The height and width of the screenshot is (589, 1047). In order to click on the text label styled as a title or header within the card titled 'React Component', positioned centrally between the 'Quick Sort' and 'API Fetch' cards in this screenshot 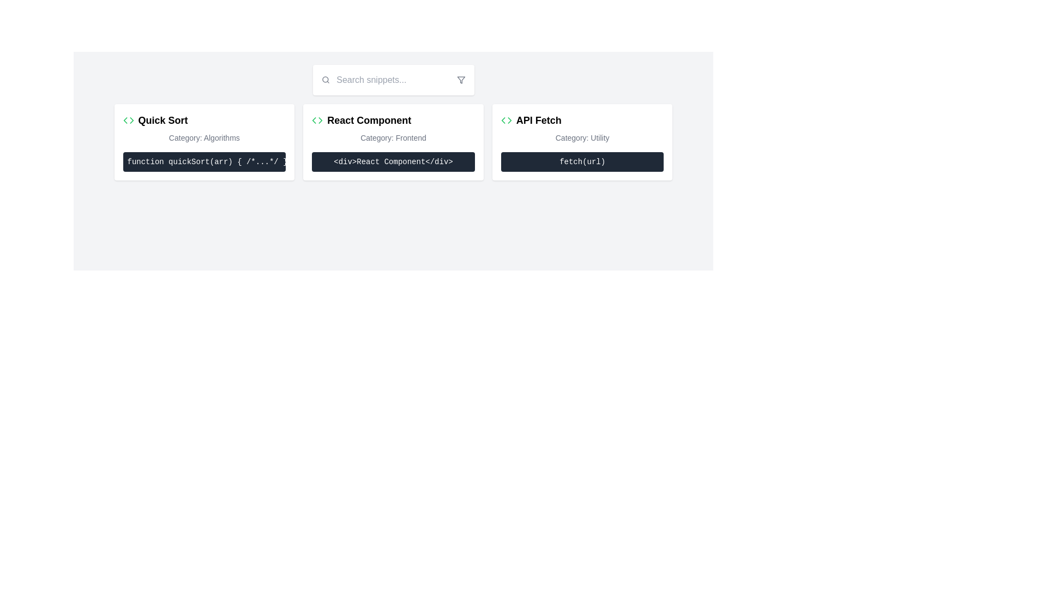, I will do `click(369, 120)`.